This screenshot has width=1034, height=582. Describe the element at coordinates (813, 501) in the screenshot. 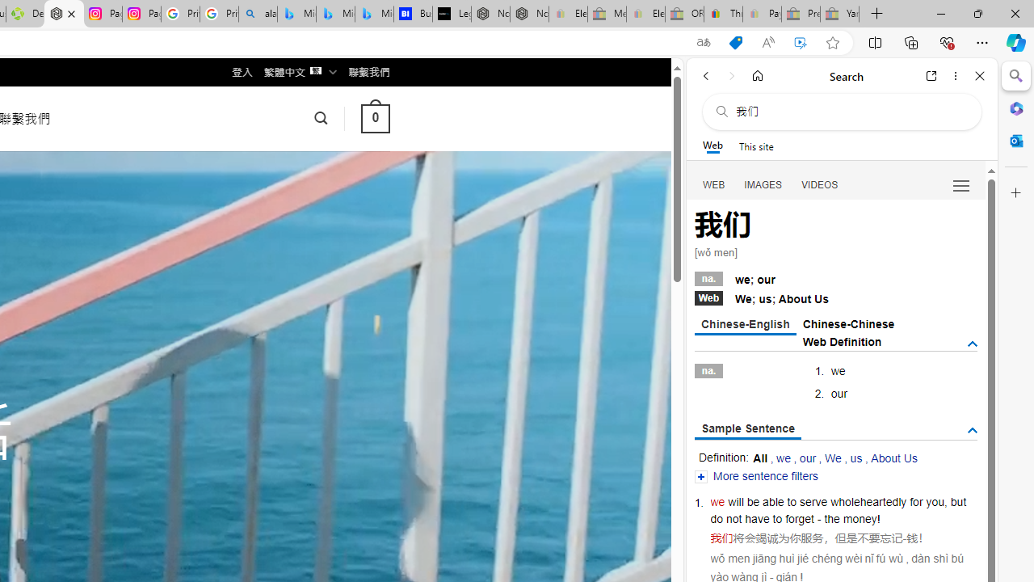

I see `'serve'` at that location.